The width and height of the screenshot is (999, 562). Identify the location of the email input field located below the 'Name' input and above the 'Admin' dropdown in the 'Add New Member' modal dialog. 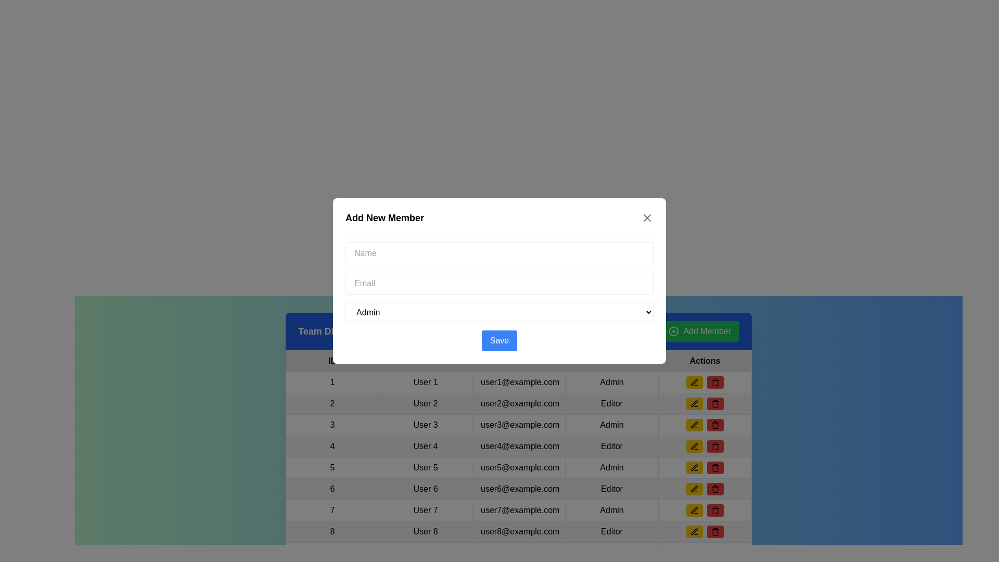
(499, 283).